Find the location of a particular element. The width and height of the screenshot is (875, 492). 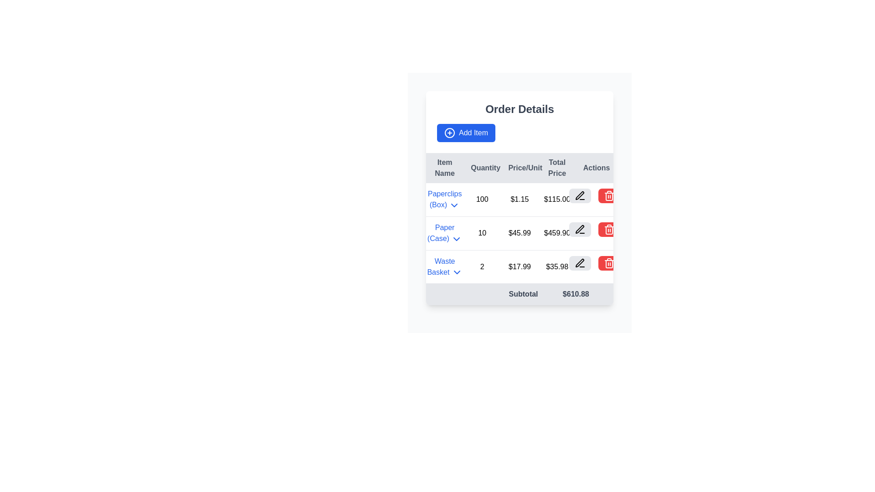

the dropdown chevron icon is located at coordinates (457, 238).